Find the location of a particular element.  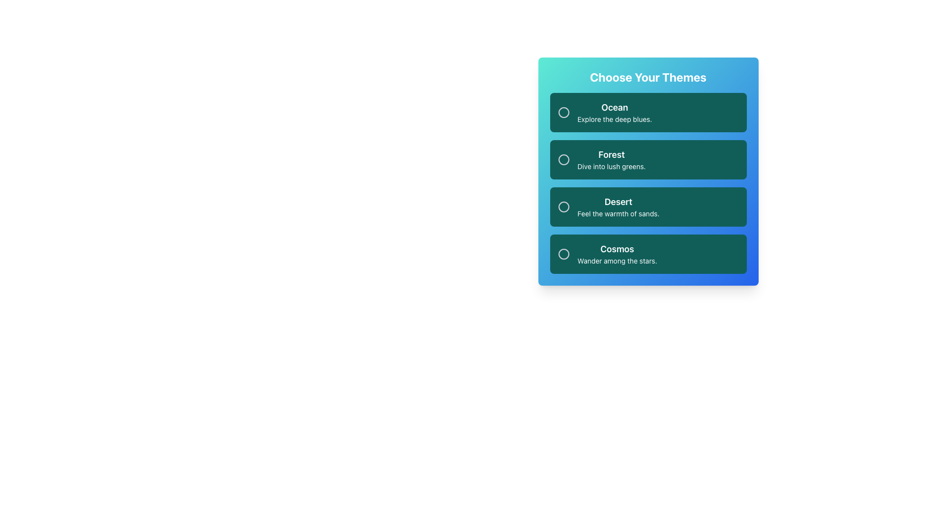

the hollow circle selectable indicator associated with the 'Cosmos - Wander among the stars' theme is located at coordinates (563, 253).